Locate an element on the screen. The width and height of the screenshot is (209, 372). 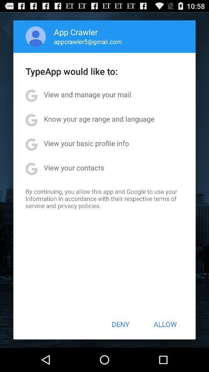
item at the bottom is located at coordinates (120, 324).